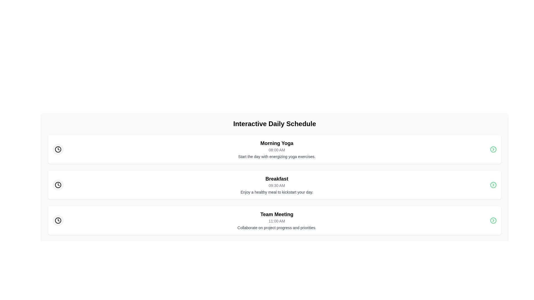  I want to click on the details of the Text Content Block that serves as a schedule entry, located centrally between 'Morning Yoga' and 'Team Meeting', so click(277, 185).